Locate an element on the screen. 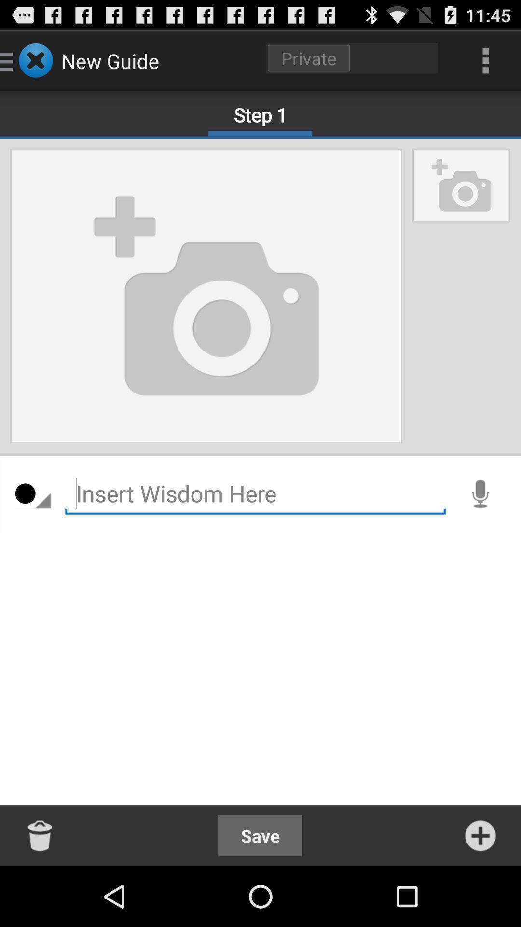  the item to the left of save is located at coordinates (40, 835).